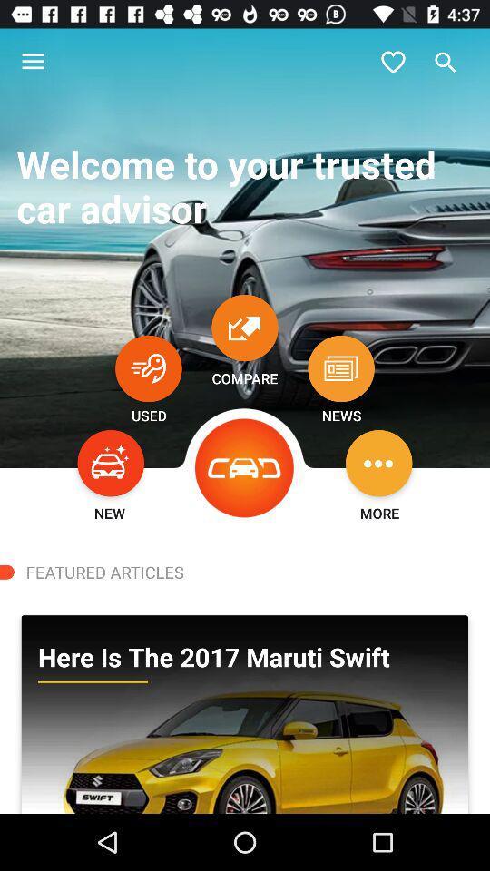  What do you see at coordinates (245, 467) in the screenshot?
I see `main` at bounding box center [245, 467].